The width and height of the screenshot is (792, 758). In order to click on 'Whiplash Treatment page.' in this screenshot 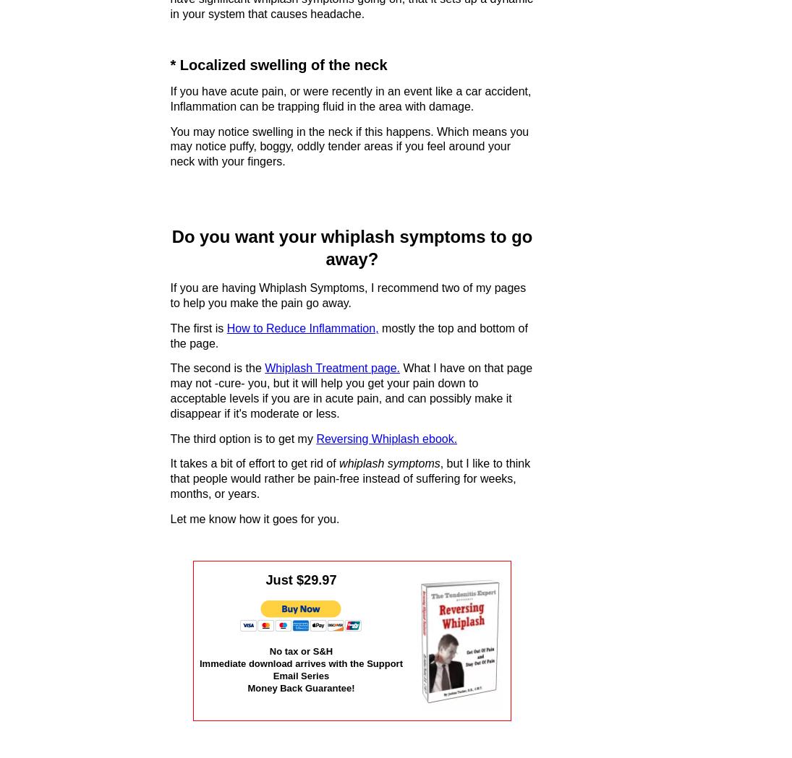, I will do `click(331, 367)`.